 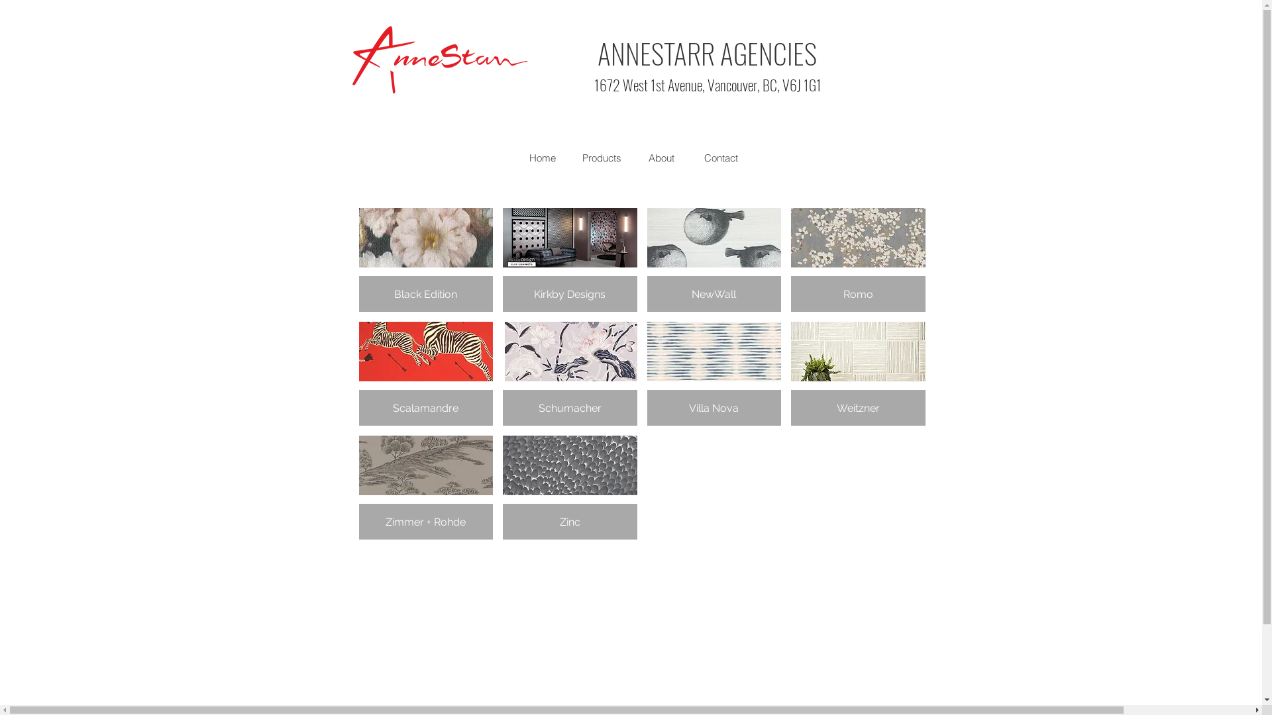 What do you see at coordinates (720, 158) in the screenshot?
I see `'Contact'` at bounding box center [720, 158].